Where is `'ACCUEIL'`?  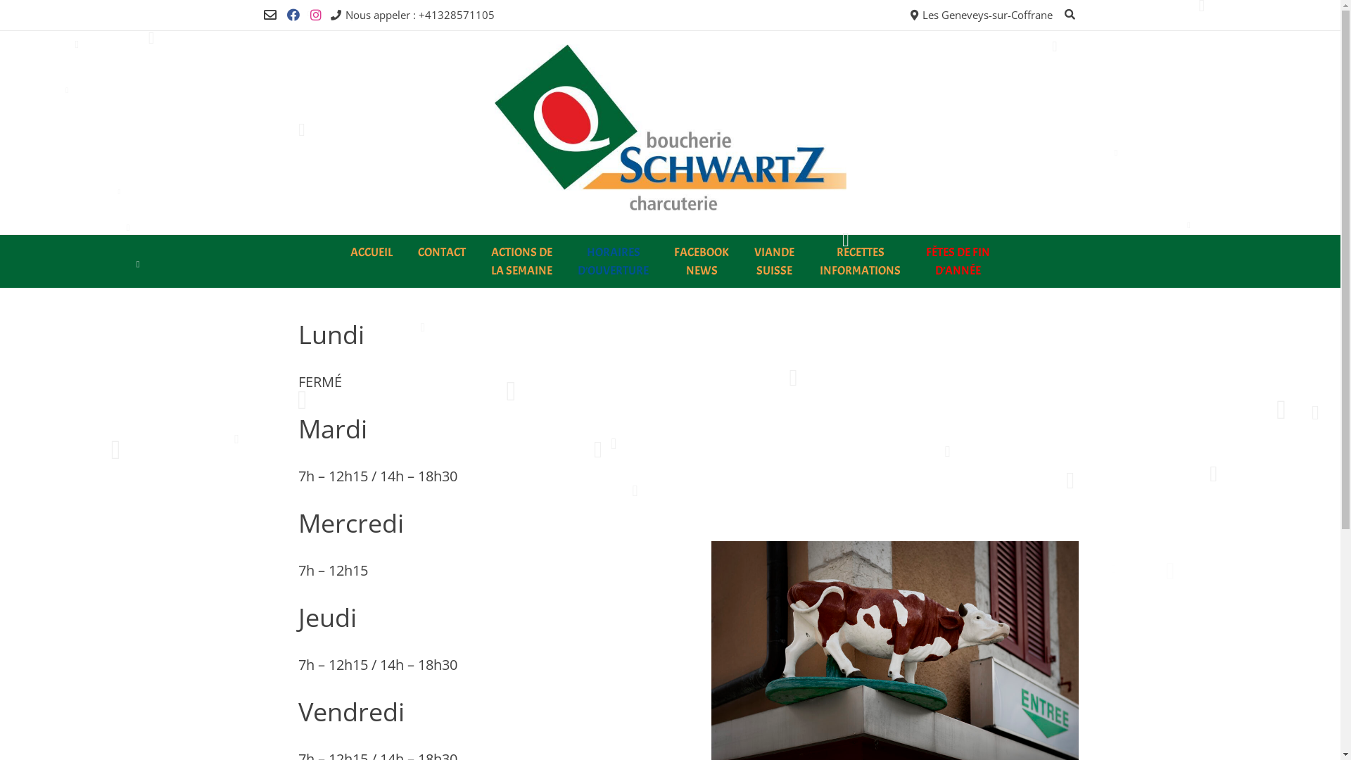
'ACCUEIL' is located at coordinates (372, 251).